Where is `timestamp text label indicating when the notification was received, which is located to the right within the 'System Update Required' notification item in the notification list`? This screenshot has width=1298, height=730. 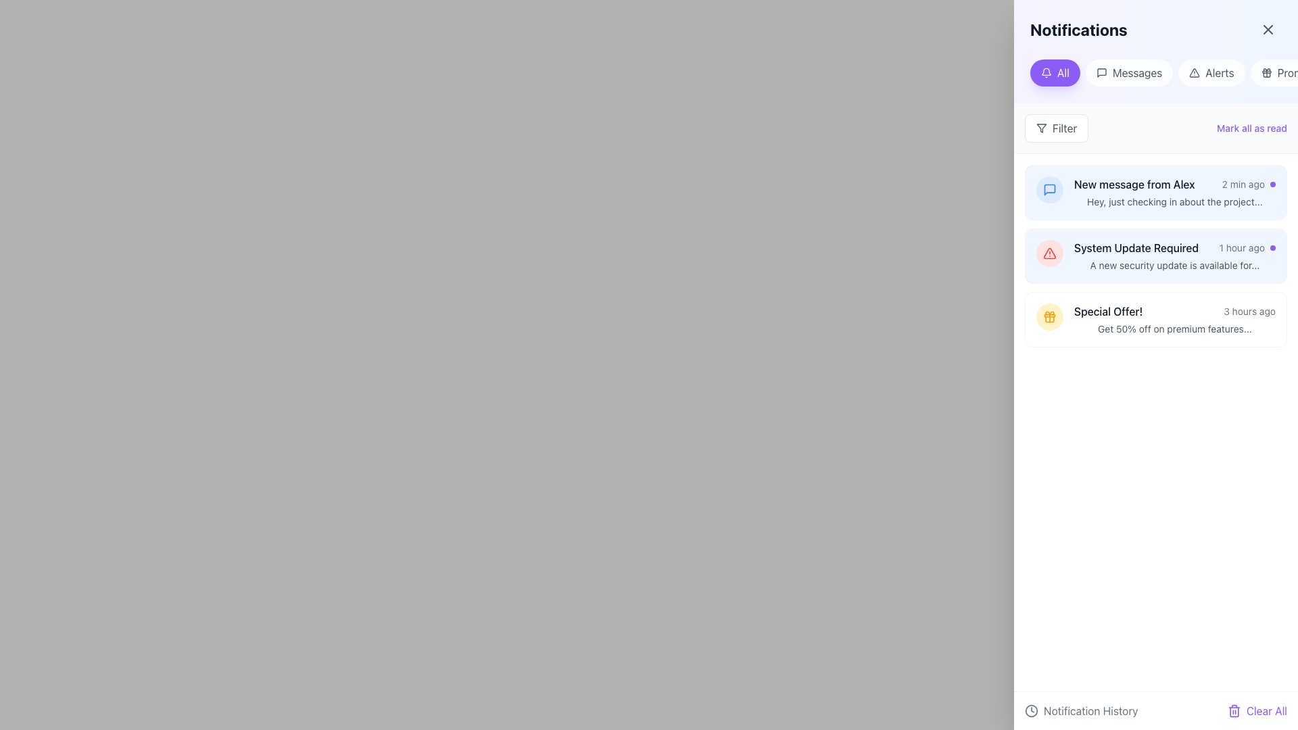
timestamp text label indicating when the notification was received, which is located to the right within the 'System Update Required' notification item in the notification list is located at coordinates (1247, 247).